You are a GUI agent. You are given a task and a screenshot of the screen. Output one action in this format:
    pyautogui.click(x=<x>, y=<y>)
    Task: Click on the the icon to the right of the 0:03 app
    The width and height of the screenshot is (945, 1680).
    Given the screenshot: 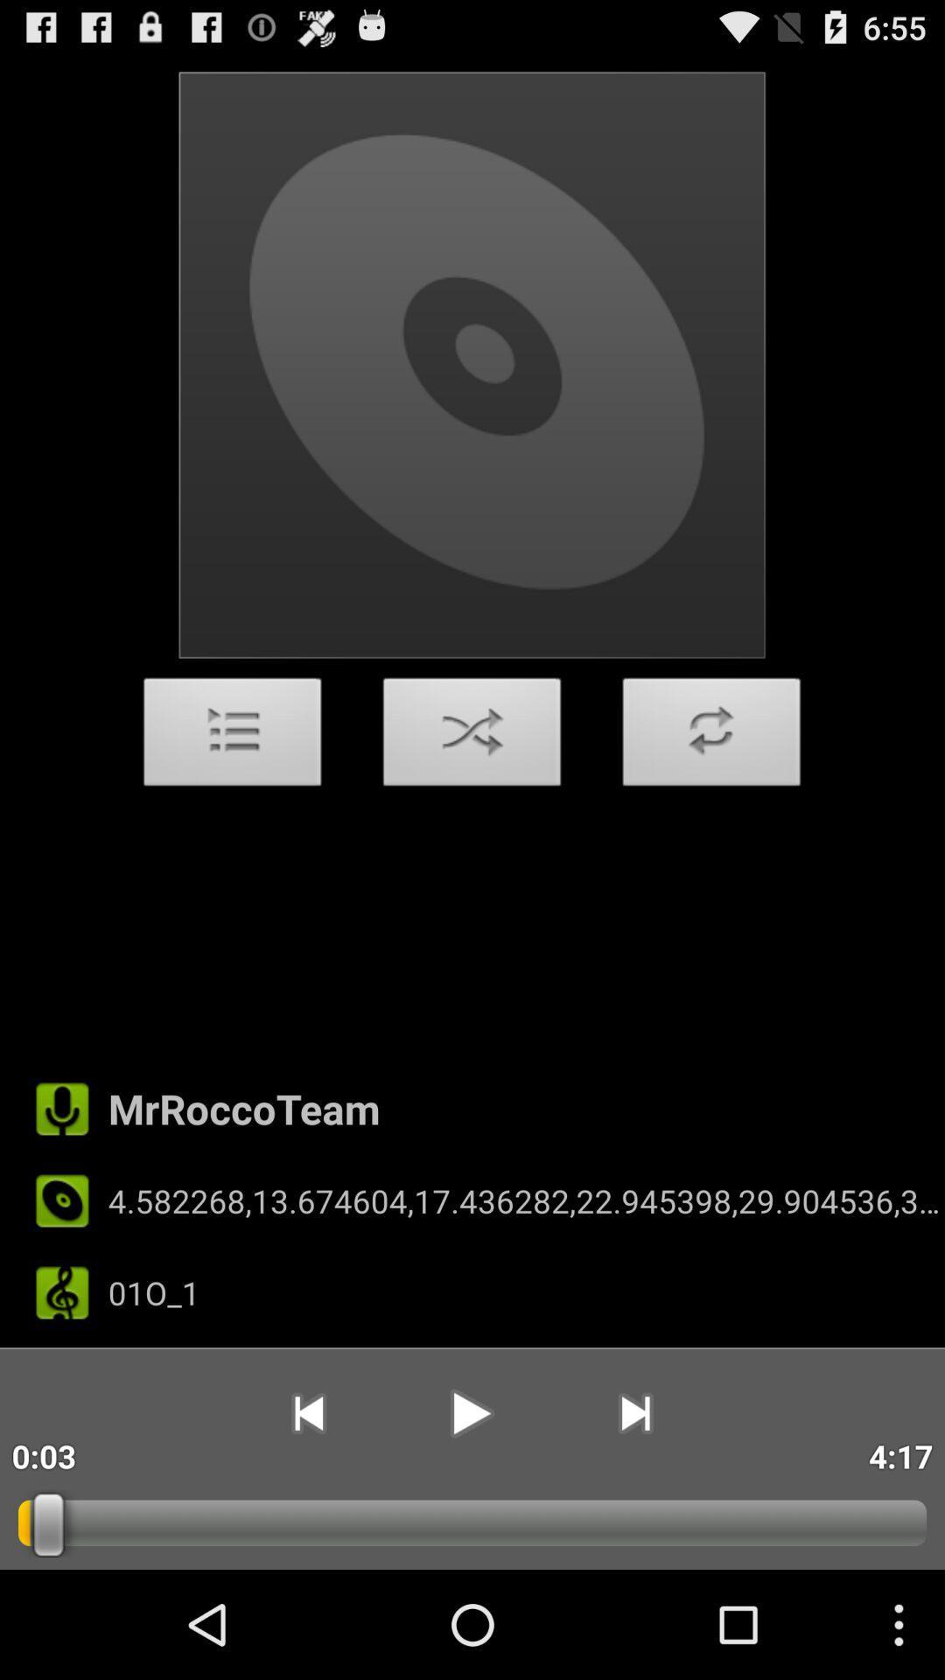 What is the action you would take?
    pyautogui.click(x=307, y=1413)
    